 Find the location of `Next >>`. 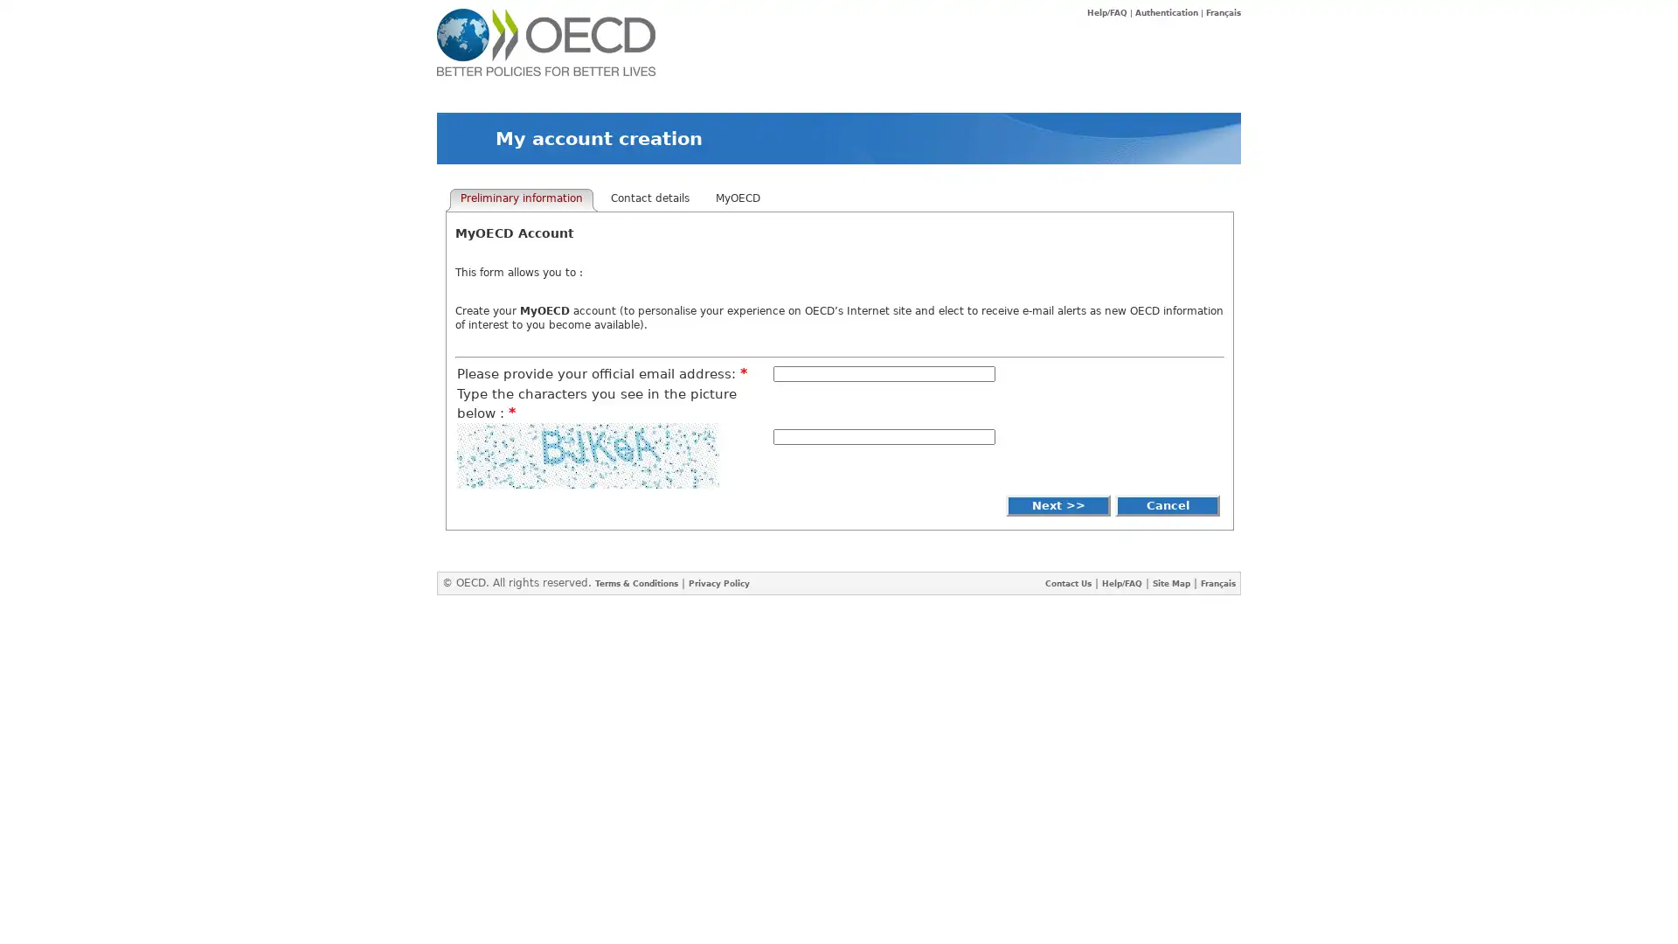

Next >> is located at coordinates (1057, 505).